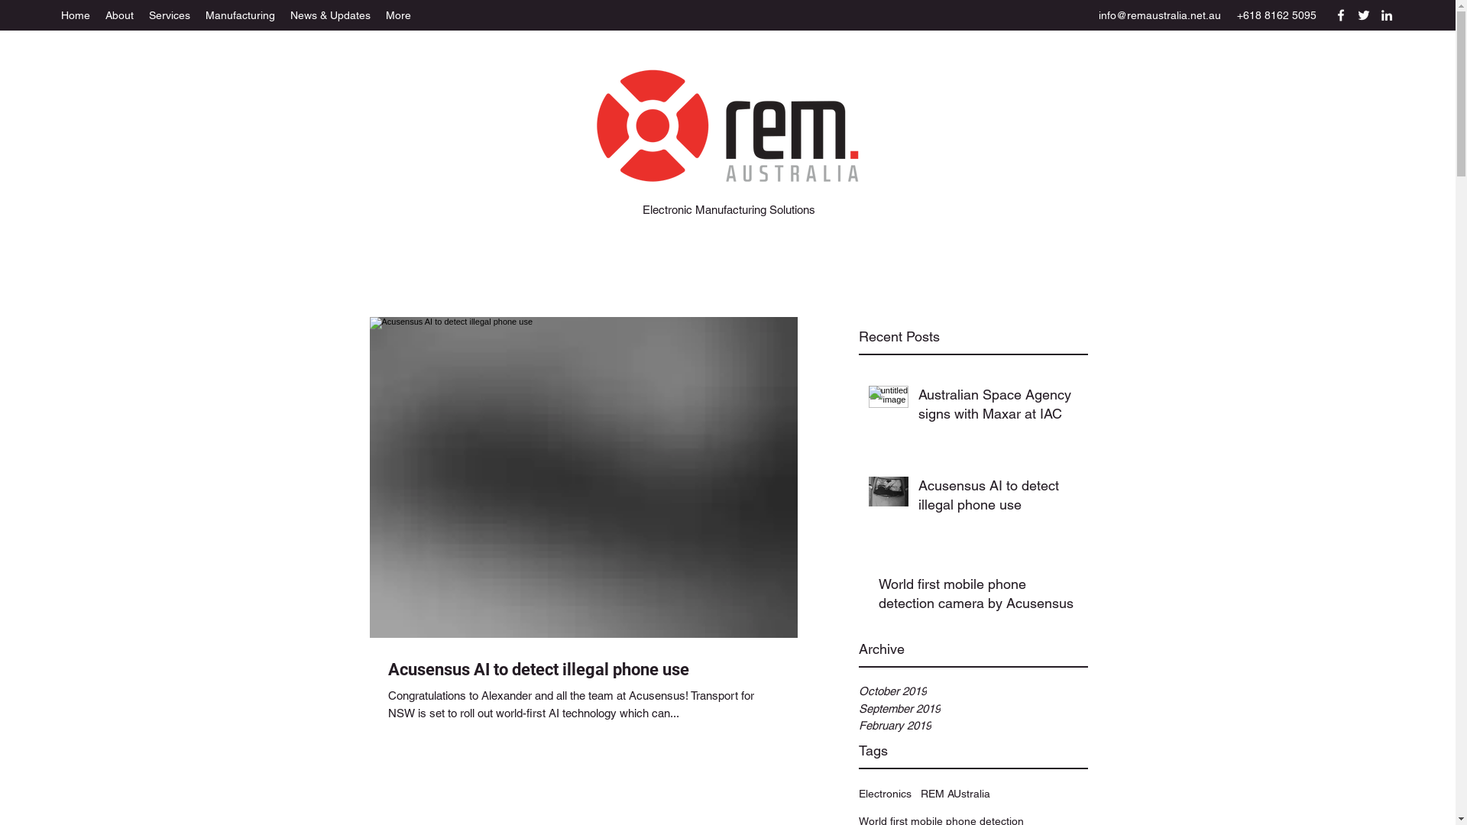 The image size is (1467, 825). What do you see at coordinates (858, 709) in the screenshot?
I see `'September 2019'` at bounding box center [858, 709].